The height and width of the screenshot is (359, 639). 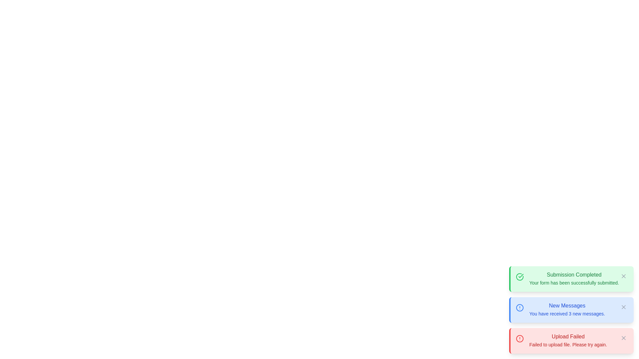 I want to click on the close button located at the top-right corner of the 'Submission Completed' alert box to observe a visual change, so click(x=623, y=276).